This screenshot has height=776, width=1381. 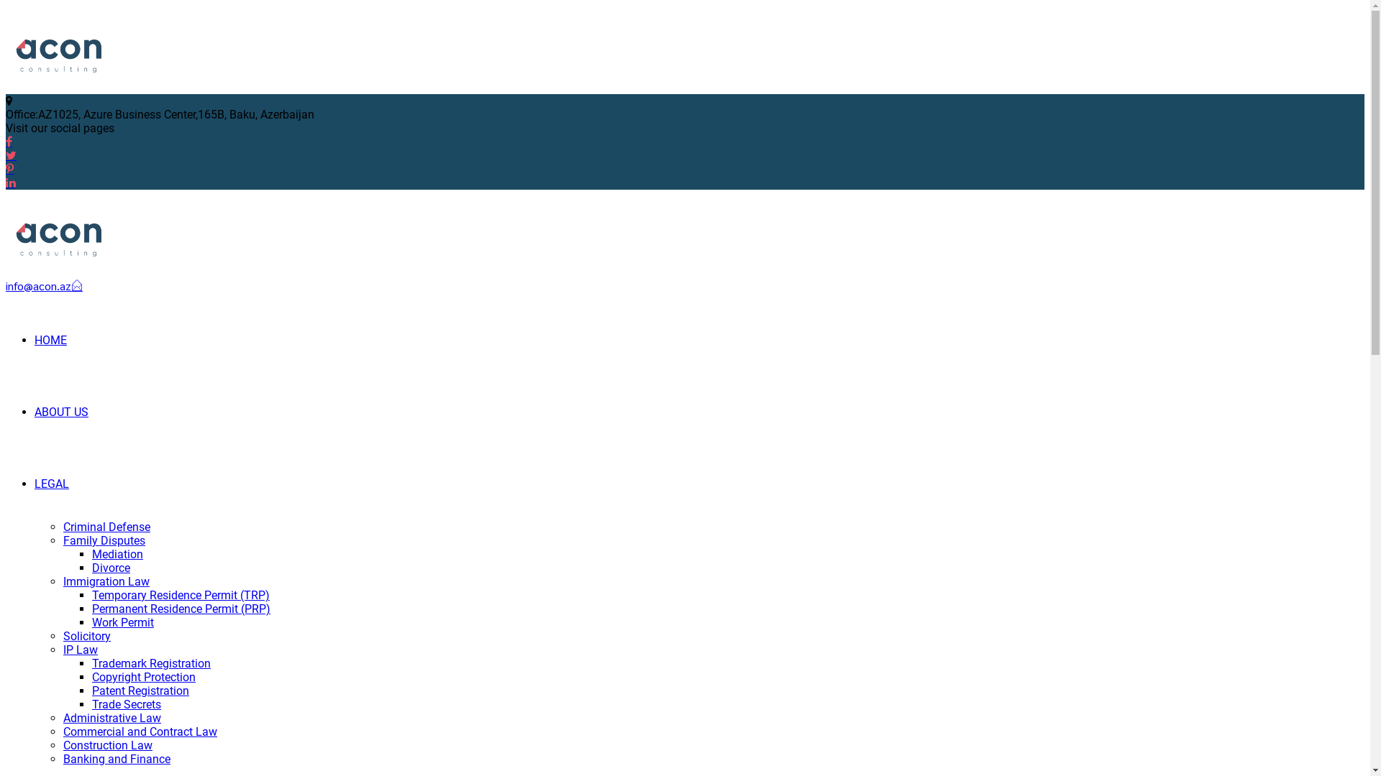 I want to click on 'Mediation', so click(x=117, y=553).